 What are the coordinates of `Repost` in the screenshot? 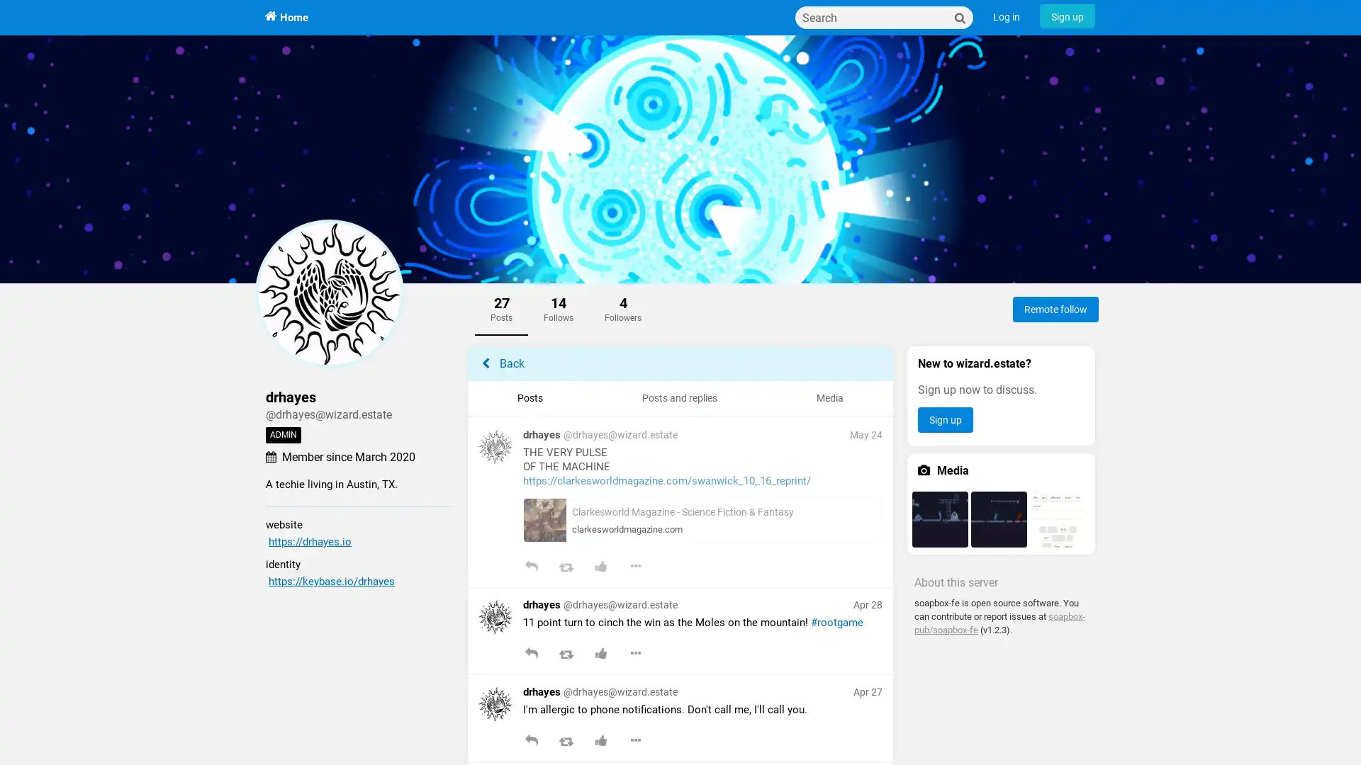 It's located at (565, 742).